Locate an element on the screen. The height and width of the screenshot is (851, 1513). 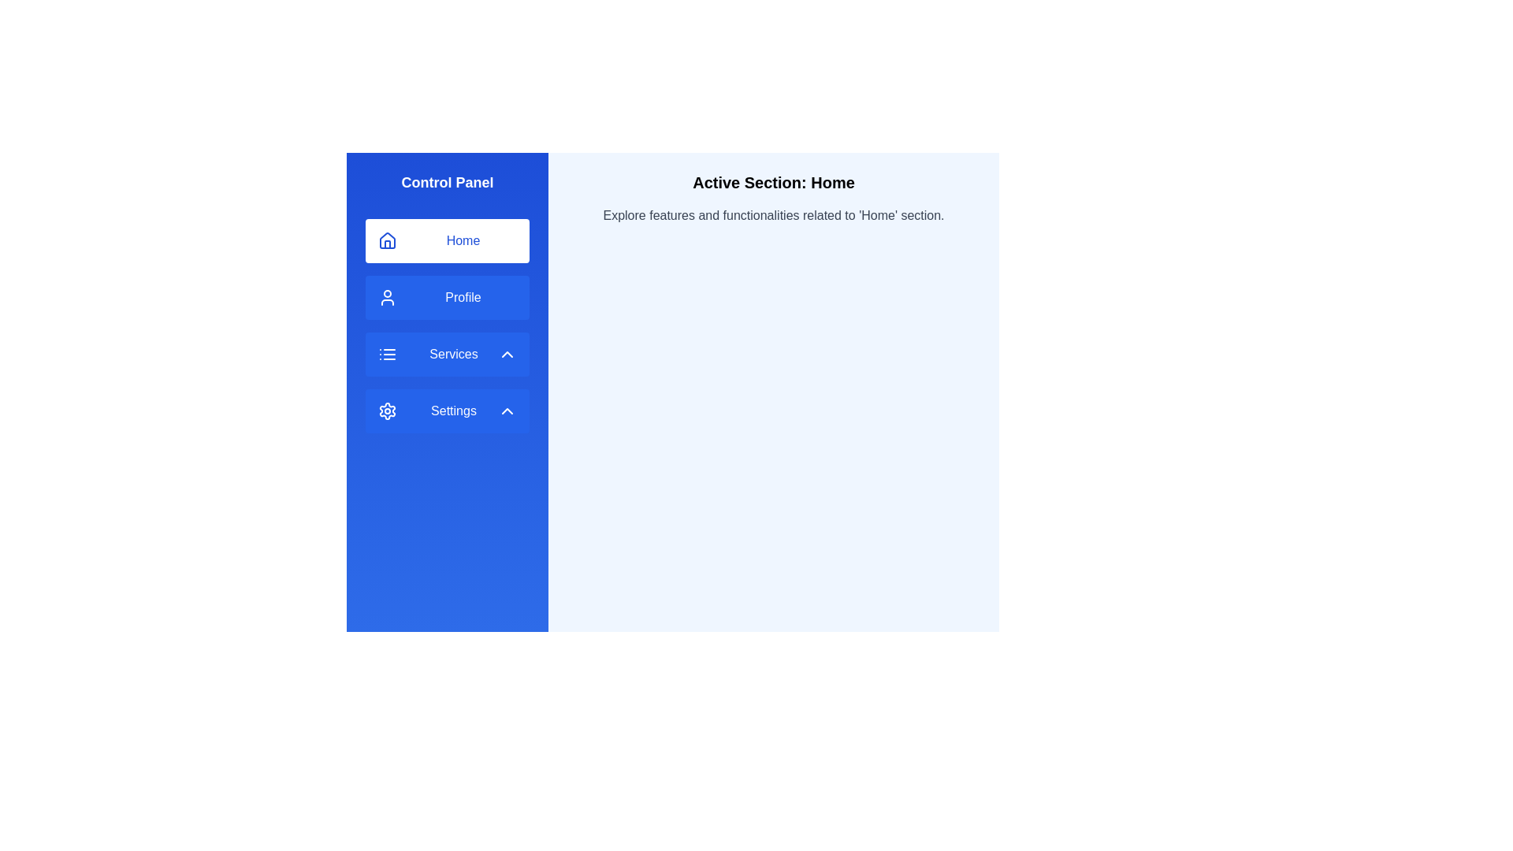
the Text Label that reads 'Explore features and functionalities related to 'Home' section.' positioned below the heading 'Active Section: Home.' is located at coordinates (774, 215).